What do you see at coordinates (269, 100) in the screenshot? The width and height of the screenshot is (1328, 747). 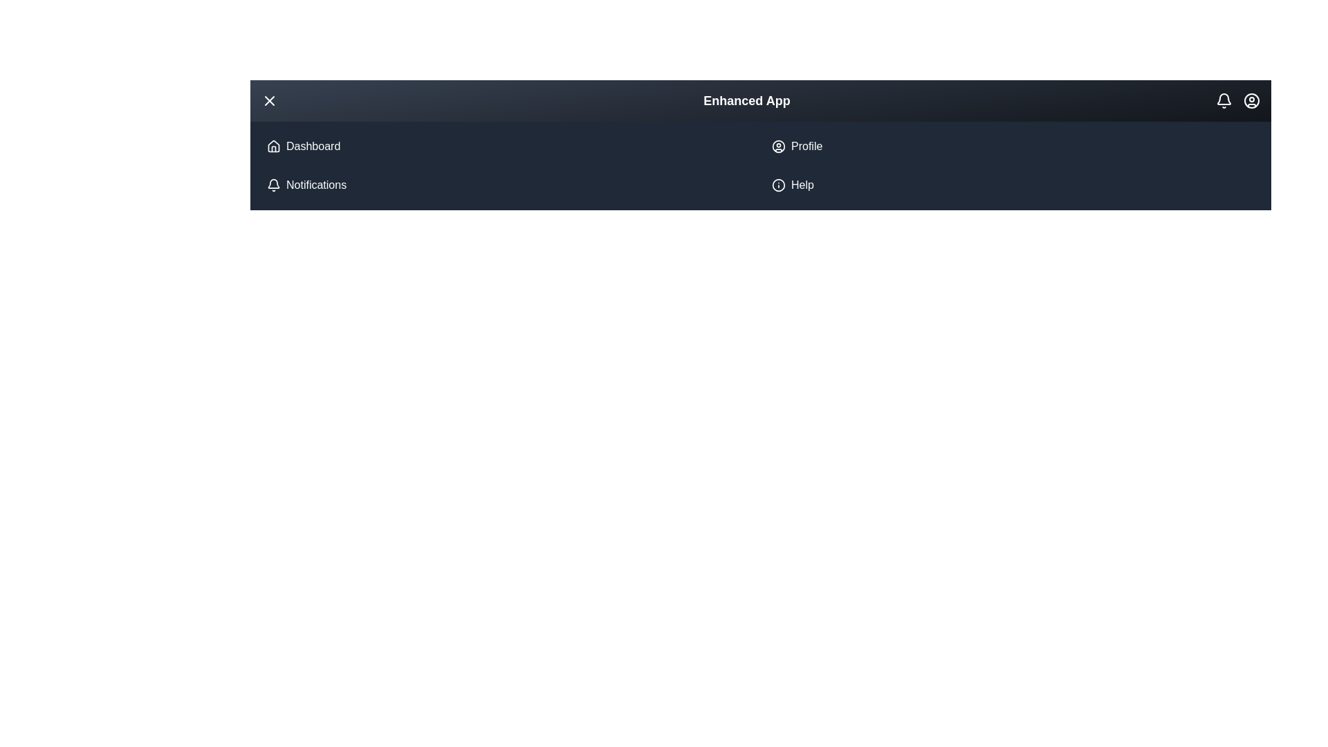 I see `the menu button to toggle the menu open/close state` at bounding box center [269, 100].